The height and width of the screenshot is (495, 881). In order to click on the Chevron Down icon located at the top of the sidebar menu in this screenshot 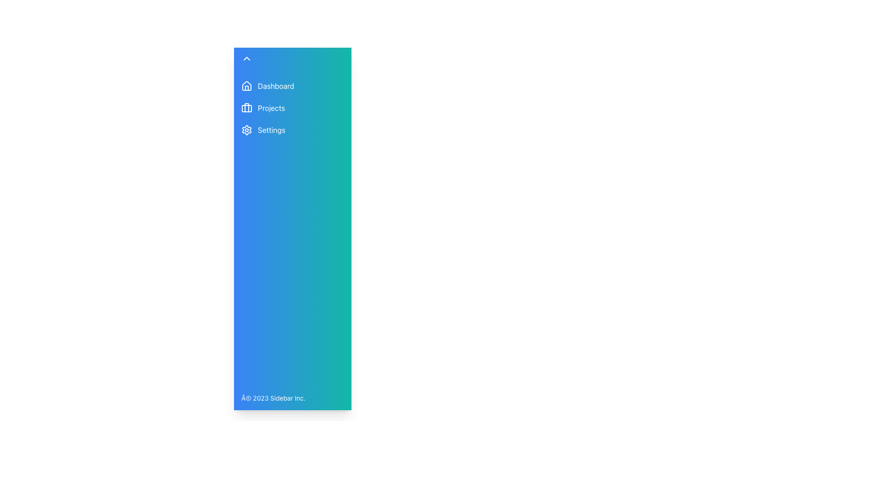, I will do `click(246, 58)`.